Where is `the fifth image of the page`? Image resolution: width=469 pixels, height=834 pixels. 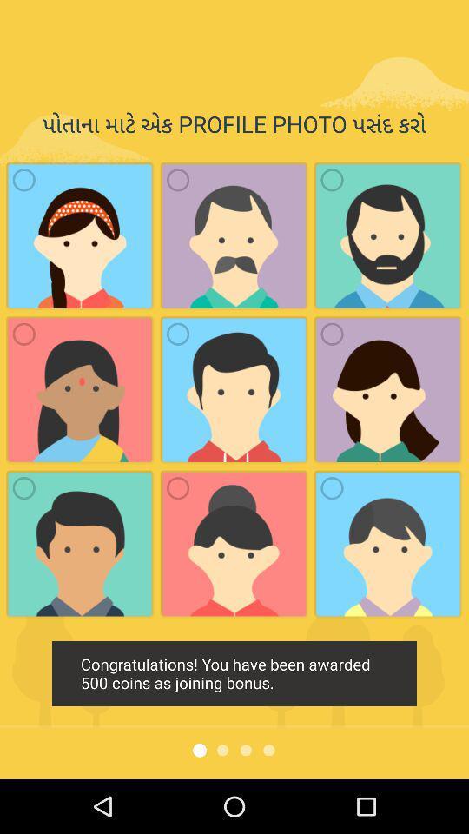
the fifth image of the page is located at coordinates (234, 389).